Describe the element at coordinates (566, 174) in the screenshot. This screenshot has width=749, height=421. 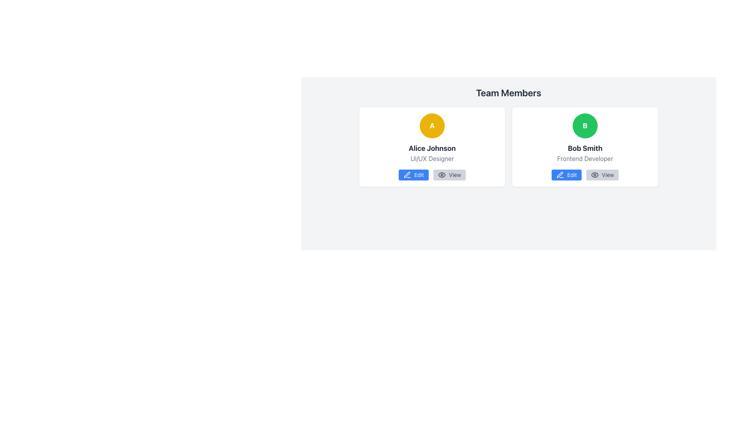
I see `the edit button located at the bottom-left corner of the card associated with 'Bob Smith - Frontend Developer'` at that location.